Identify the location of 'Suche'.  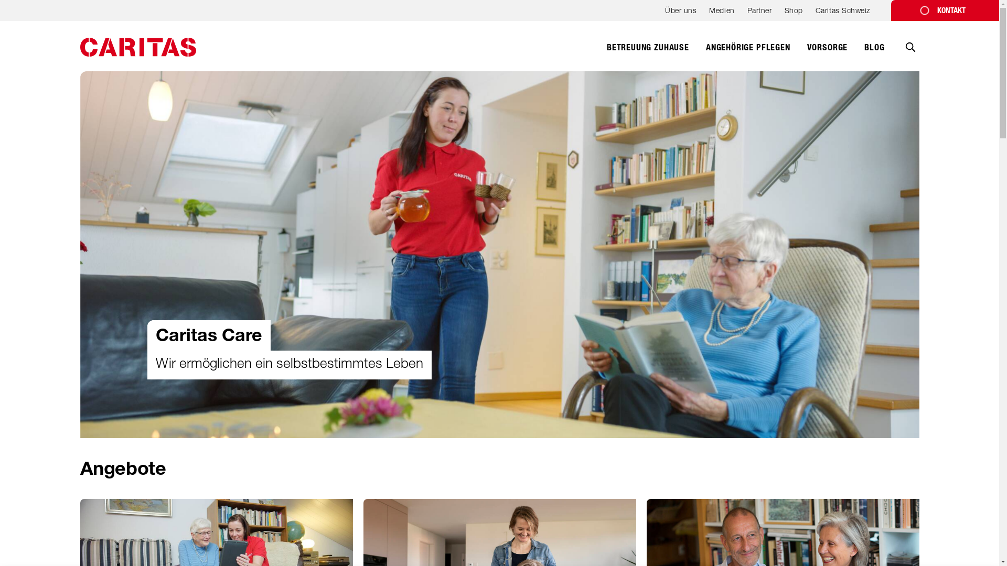
(909, 55).